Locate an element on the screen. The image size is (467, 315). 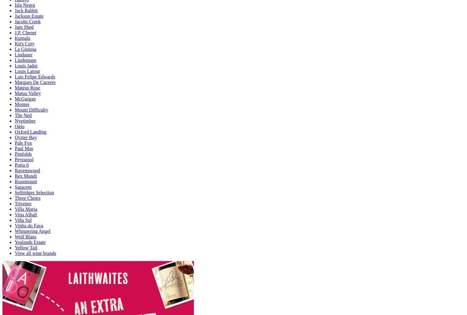
'Mount Difficulty' is located at coordinates (31, 109).